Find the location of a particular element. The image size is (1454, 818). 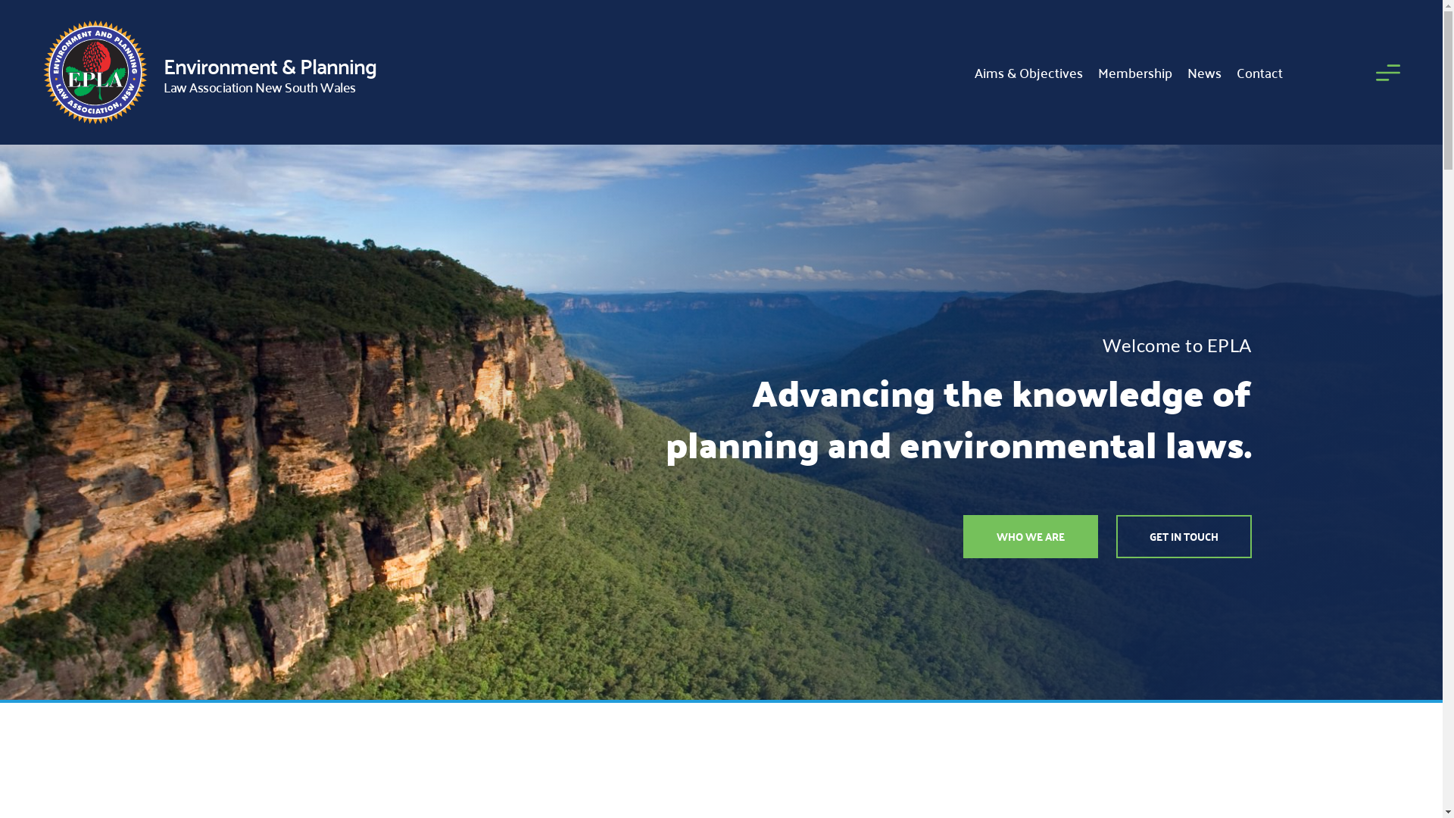

'Contact' is located at coordinates (1259, 73).